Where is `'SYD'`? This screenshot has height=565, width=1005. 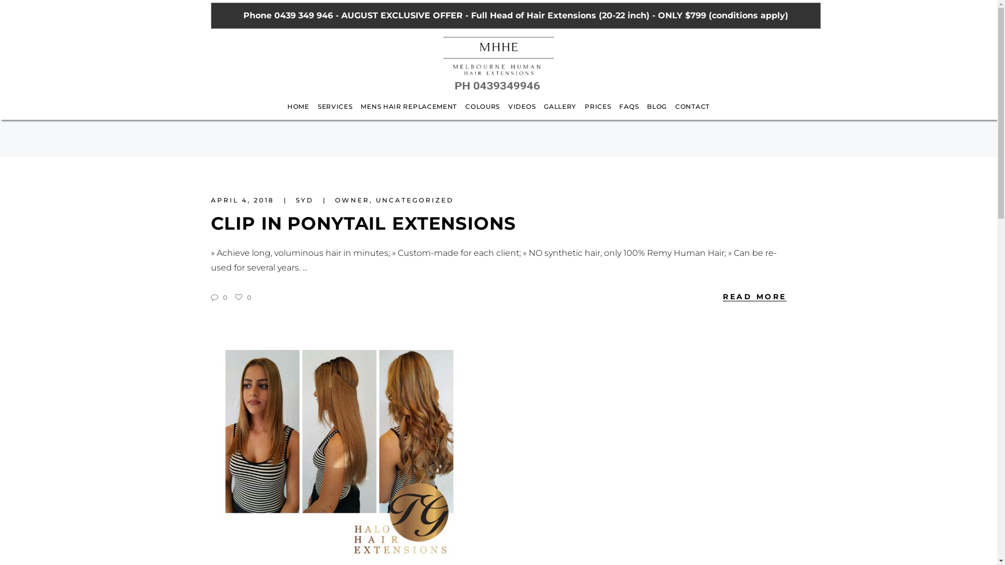 'SYD' is located at coordinates (305, 200).